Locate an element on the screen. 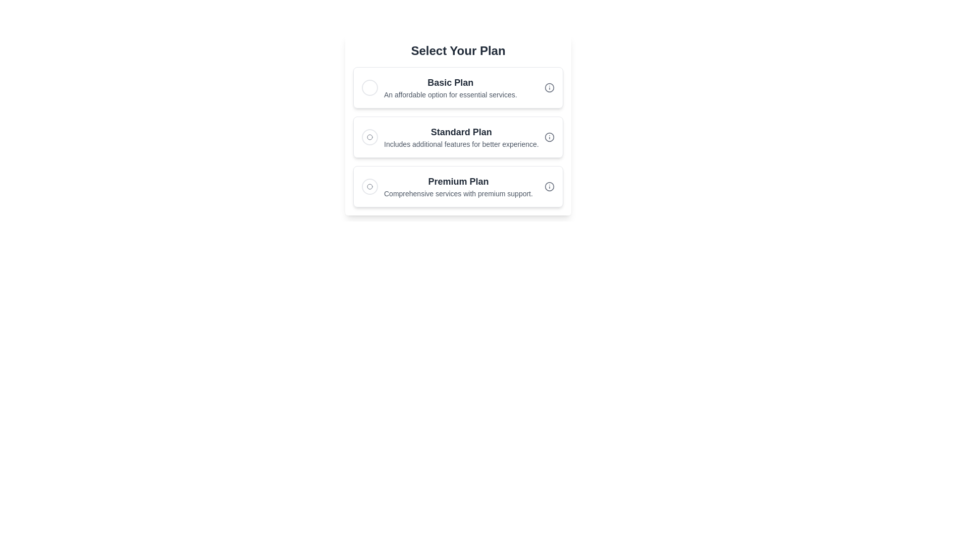 The width and height of the screenshot is (969, 545). the radio button is located at coordinates (369, 87).